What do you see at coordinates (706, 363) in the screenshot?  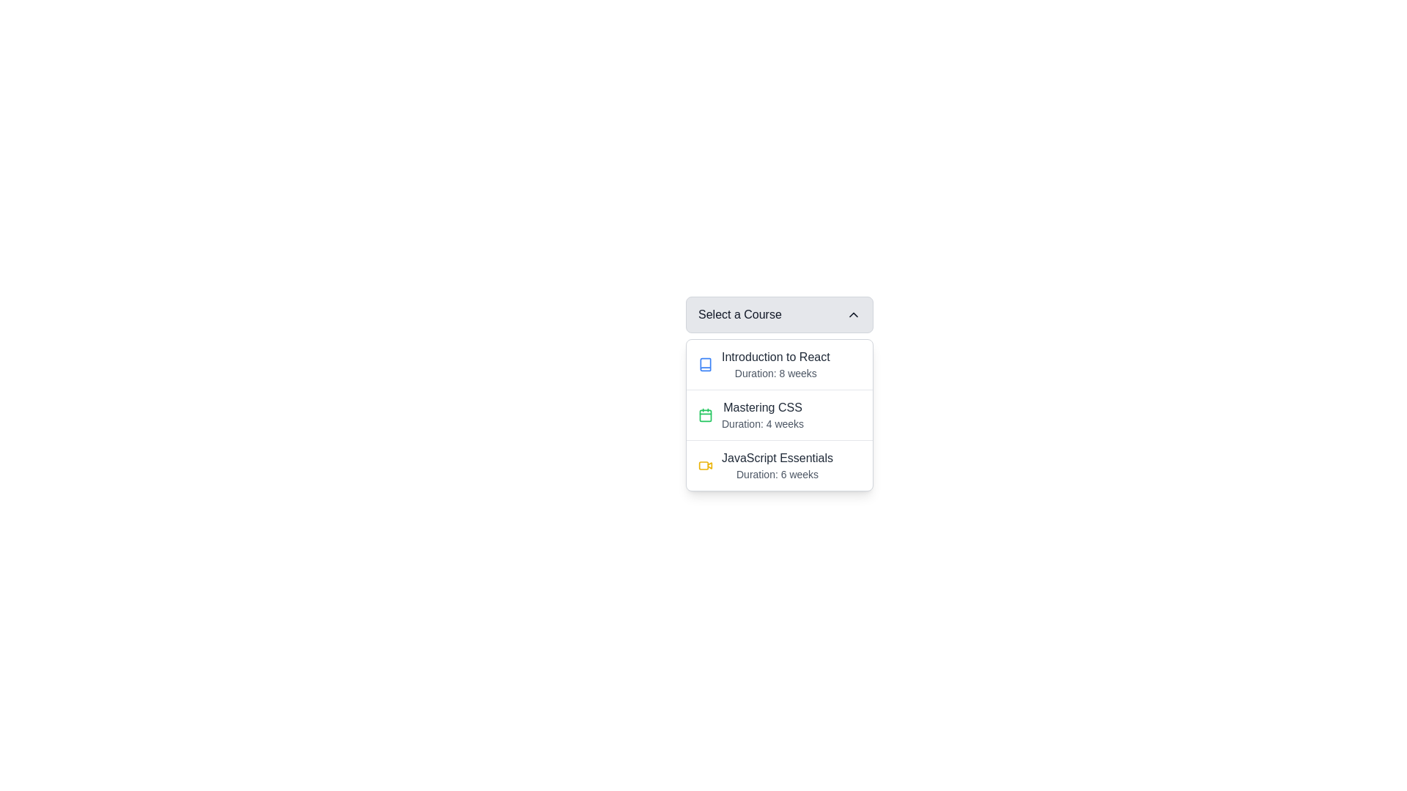 I see `the decorative icon representing the 'Introduction to React' course, which is the first icon on the left in the clickable list item under the 'Select a Course' dropdown` at bounding box center [706, 363].